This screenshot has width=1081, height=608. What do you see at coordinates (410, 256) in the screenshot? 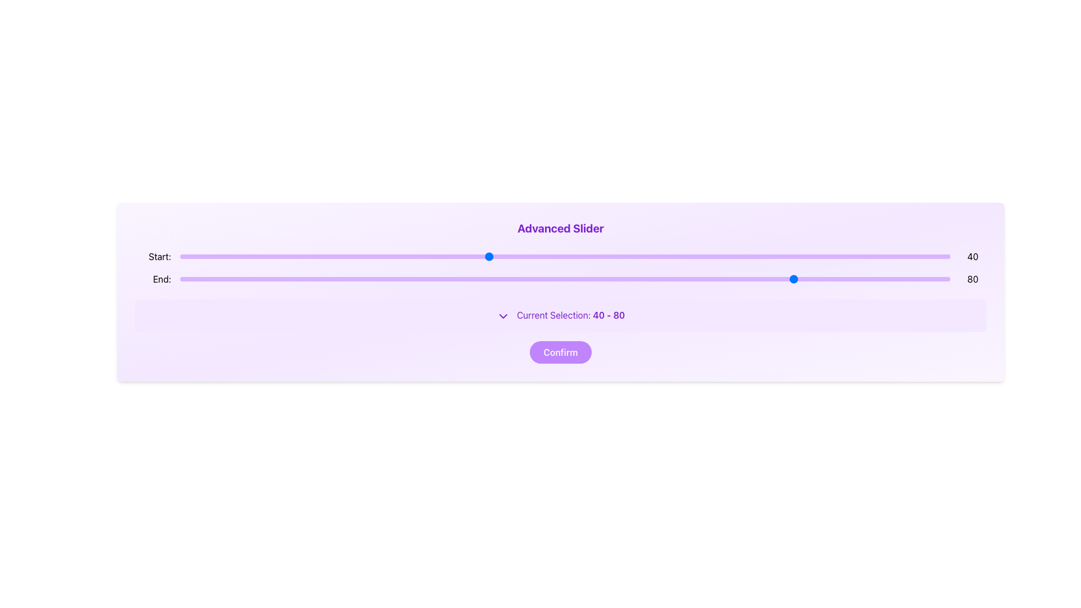
I see `the start slider` at bounding box center [410, 256].